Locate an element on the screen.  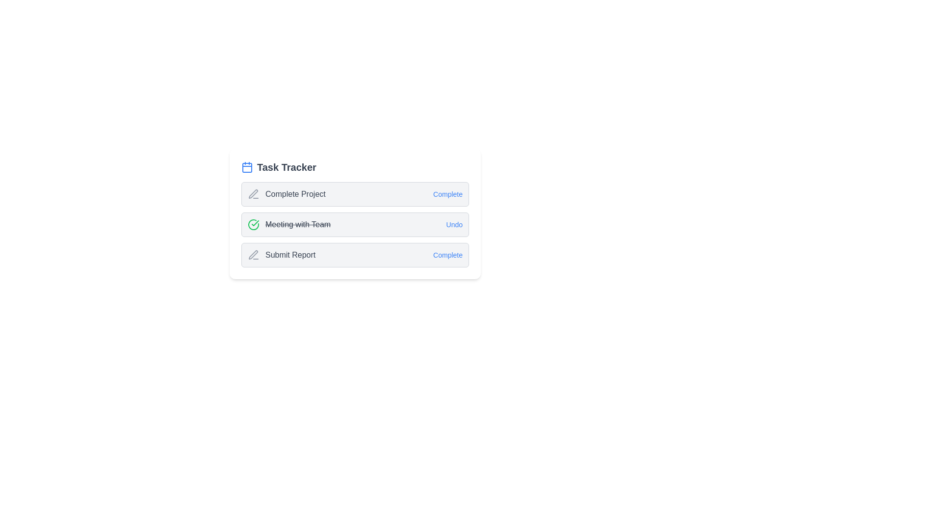
the completed task entry labeled 'Meeting with Team' in the task tracker application is located at coordinates (355, 213).